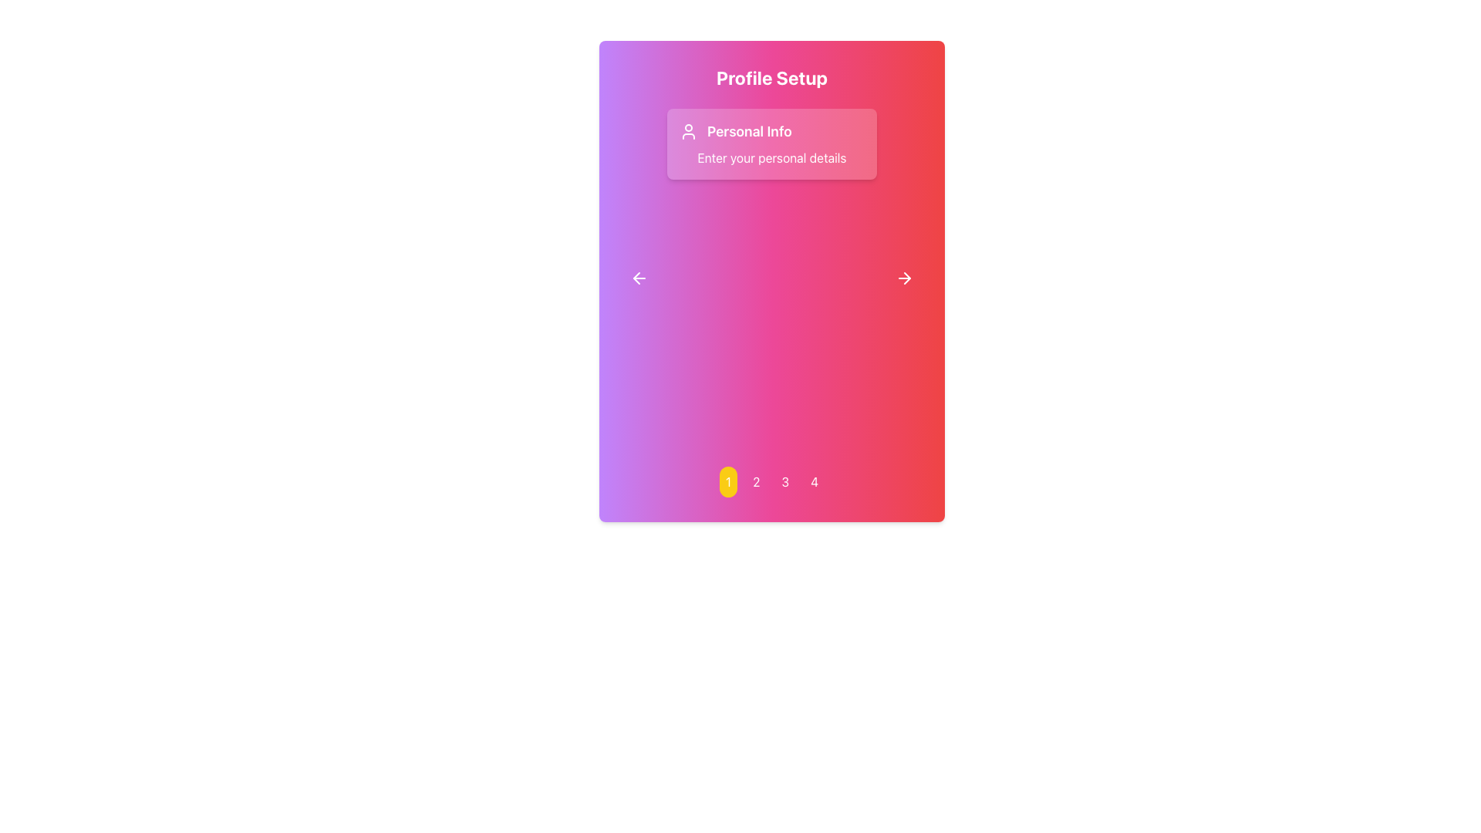  What do you see at coordinates (785, 481) in the screenshot?
I see `the numerical text label displaying the digit '3' with a pink hue, which is positioned within a circular background near the bottom-center of the interface` at bounding box center [785, 481].